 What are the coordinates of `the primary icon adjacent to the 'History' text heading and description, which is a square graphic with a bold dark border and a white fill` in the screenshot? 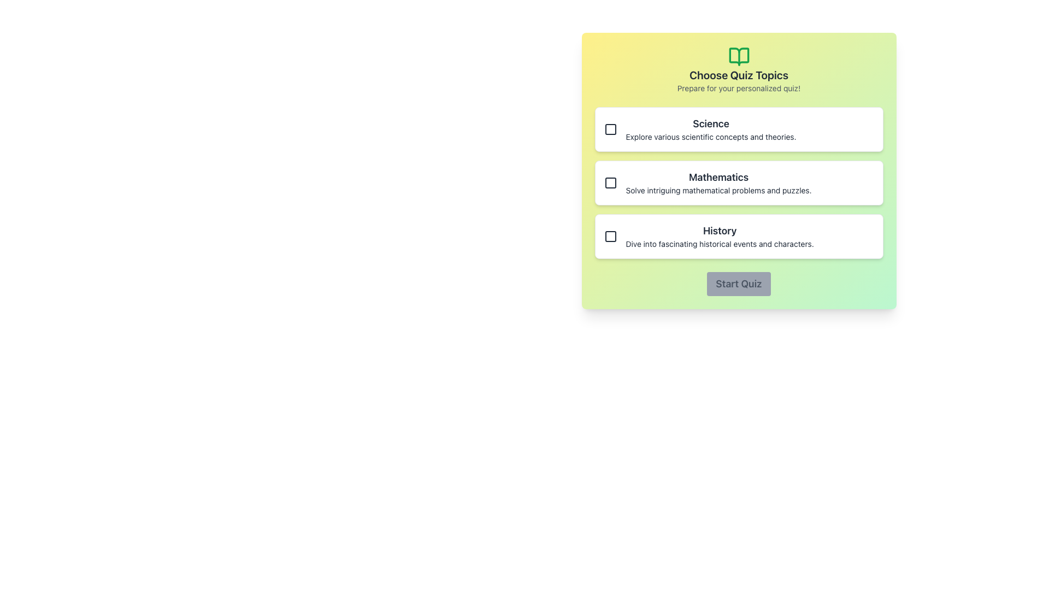 It's located at (610, 235).